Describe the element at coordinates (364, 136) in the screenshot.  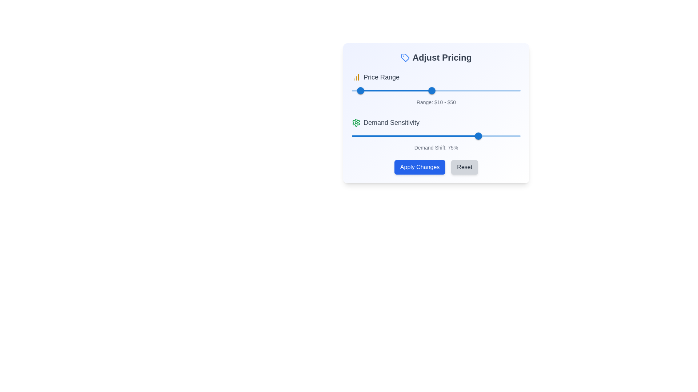
I see `Demand Sensitivity` at that location.